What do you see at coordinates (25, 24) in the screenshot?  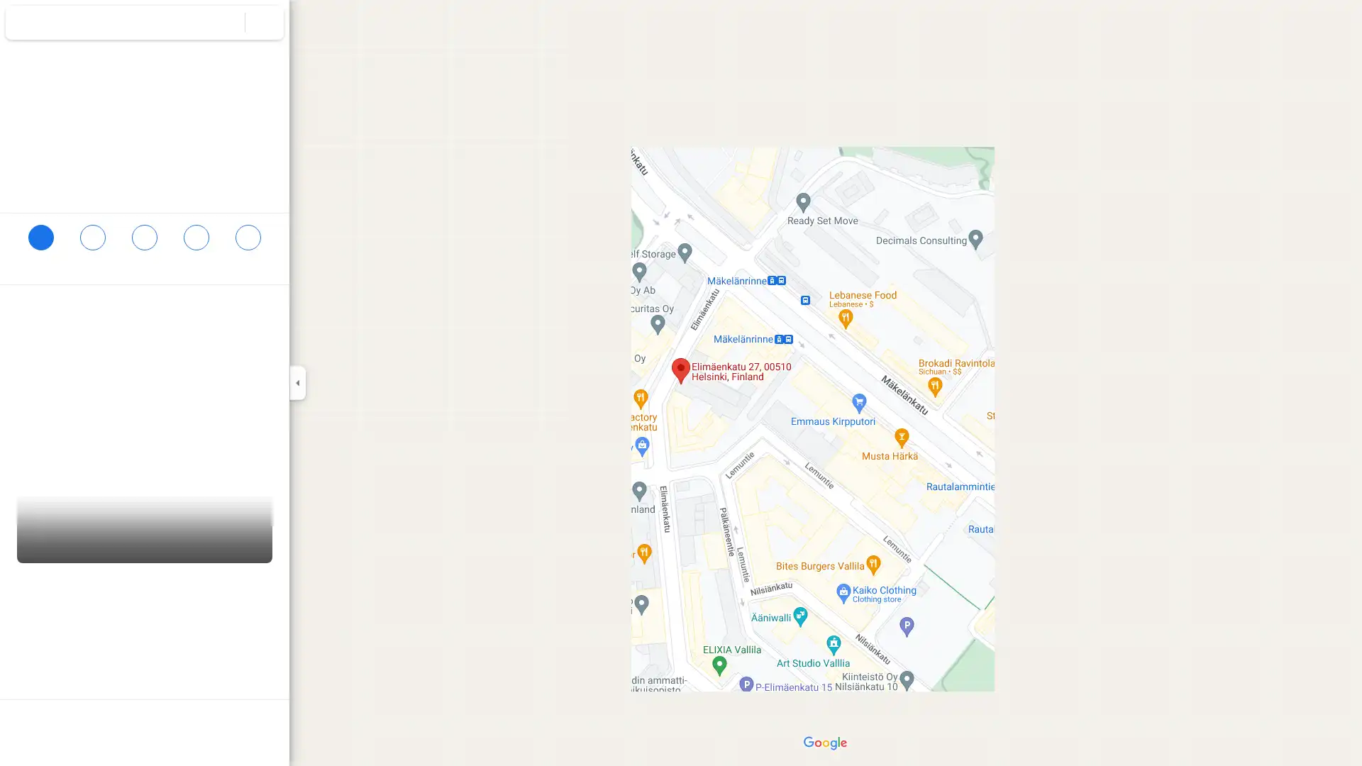 I see `Menu` at bounding box center [25, 24].